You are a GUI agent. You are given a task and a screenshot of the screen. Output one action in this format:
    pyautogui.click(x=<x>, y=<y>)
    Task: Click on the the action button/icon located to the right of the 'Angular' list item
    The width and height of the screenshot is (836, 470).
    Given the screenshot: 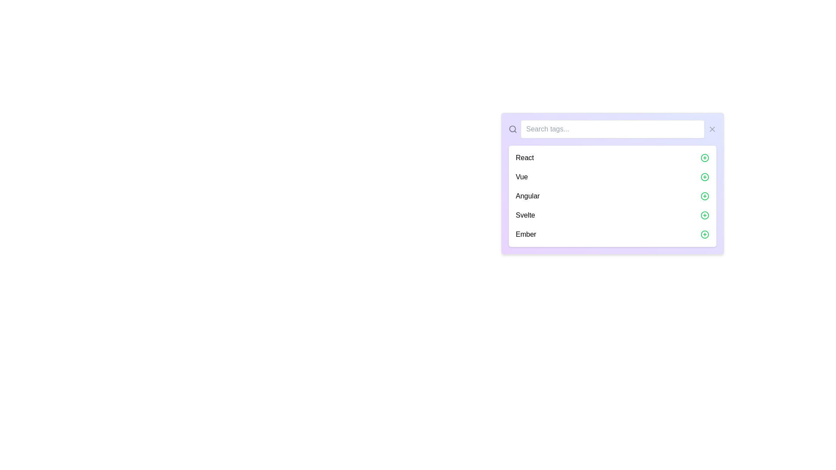 What is the action you would take?
    pyautogui.click(x=705, y=196)
    